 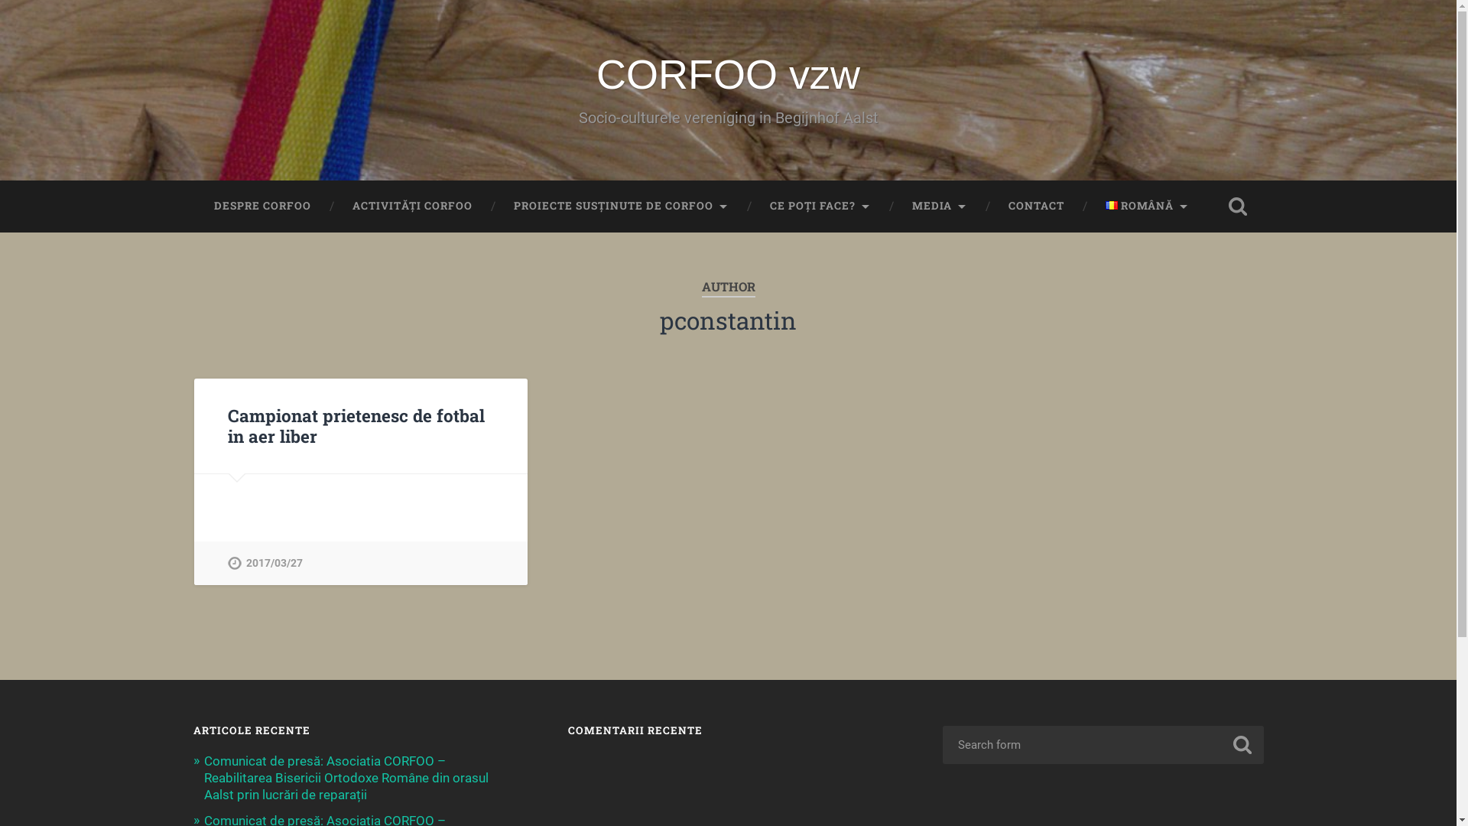 What do you see at coordinates (226, 563) in the screenshot?
I see `'2017/03/27'` at bounding box center [226, 563].